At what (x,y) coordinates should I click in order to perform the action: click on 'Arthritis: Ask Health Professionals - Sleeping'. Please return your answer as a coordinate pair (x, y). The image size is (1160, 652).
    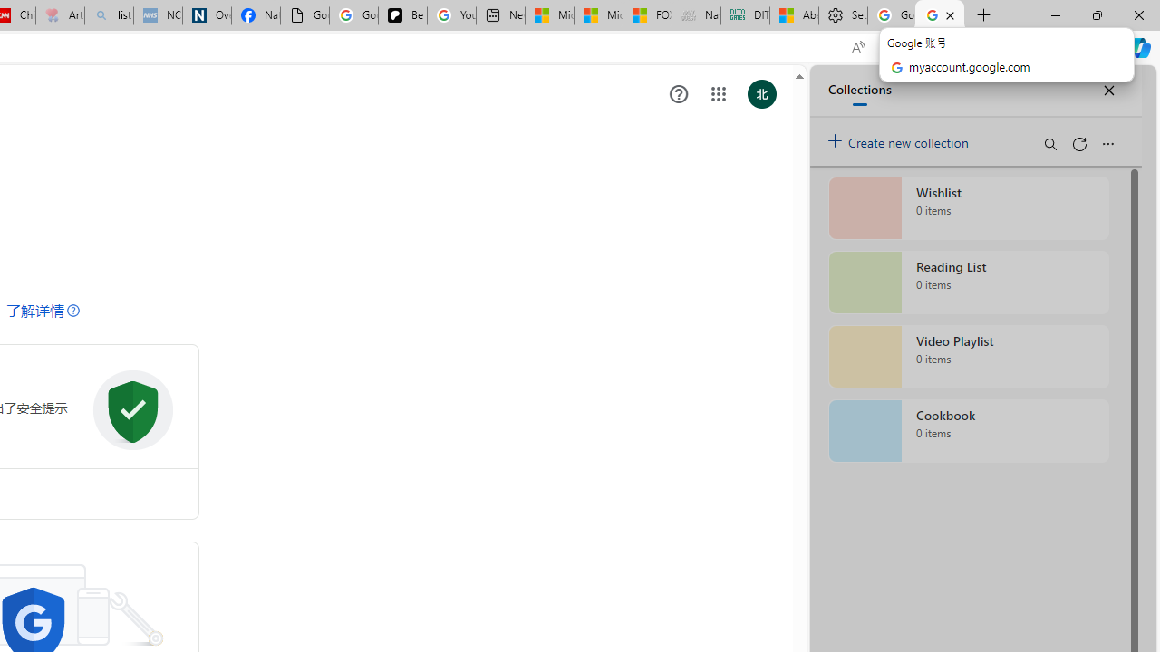
    Looking at the image, I should click on (60, 15).